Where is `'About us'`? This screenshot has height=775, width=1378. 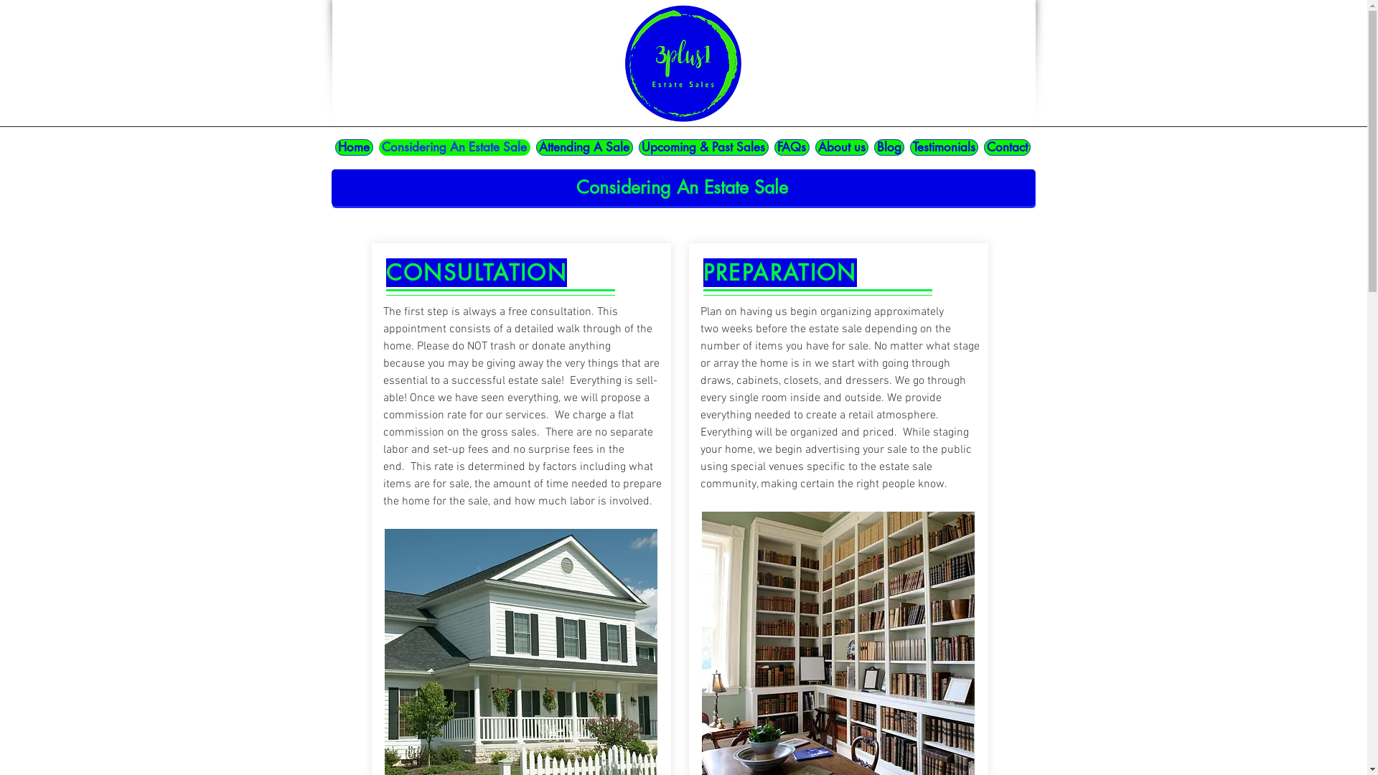 'About us' is located at coordinates (841, 147).